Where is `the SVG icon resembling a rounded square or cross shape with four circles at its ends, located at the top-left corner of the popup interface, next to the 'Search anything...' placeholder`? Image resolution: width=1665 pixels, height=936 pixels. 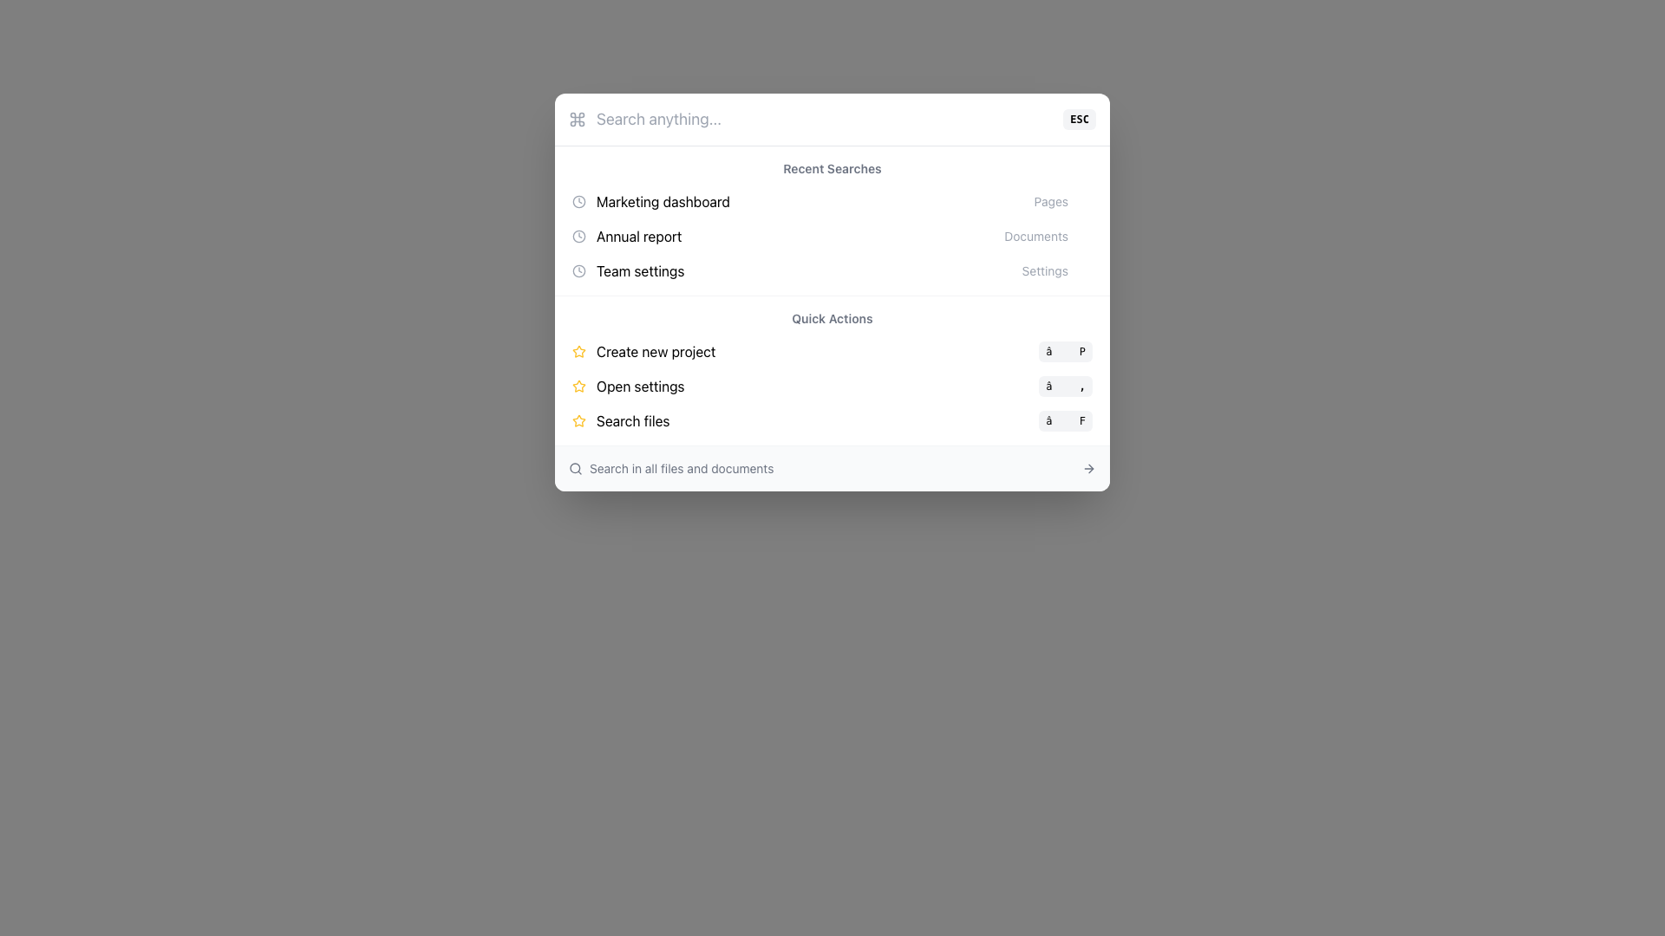
the SVG icon resembling a rounded square or cross shape with four circles at its ends, located at the top-left corner of the popup interface, next to the 'Search anything...' placeholder is located at coordinates (578, 119).